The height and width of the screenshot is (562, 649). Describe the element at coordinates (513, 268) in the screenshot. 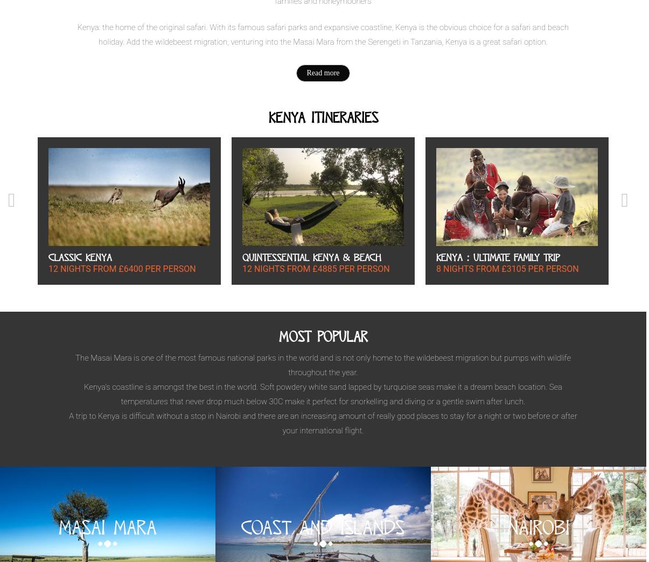

I see `'£3105'` at that location.